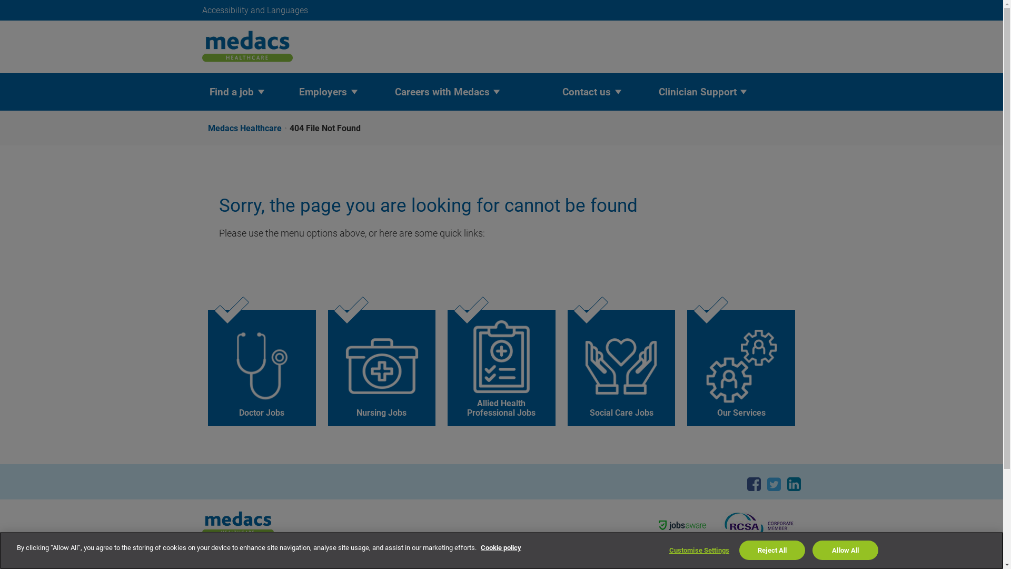 This screenshot has width=1011, height=569. I want to click on 'Facebook', so click(747, 484).